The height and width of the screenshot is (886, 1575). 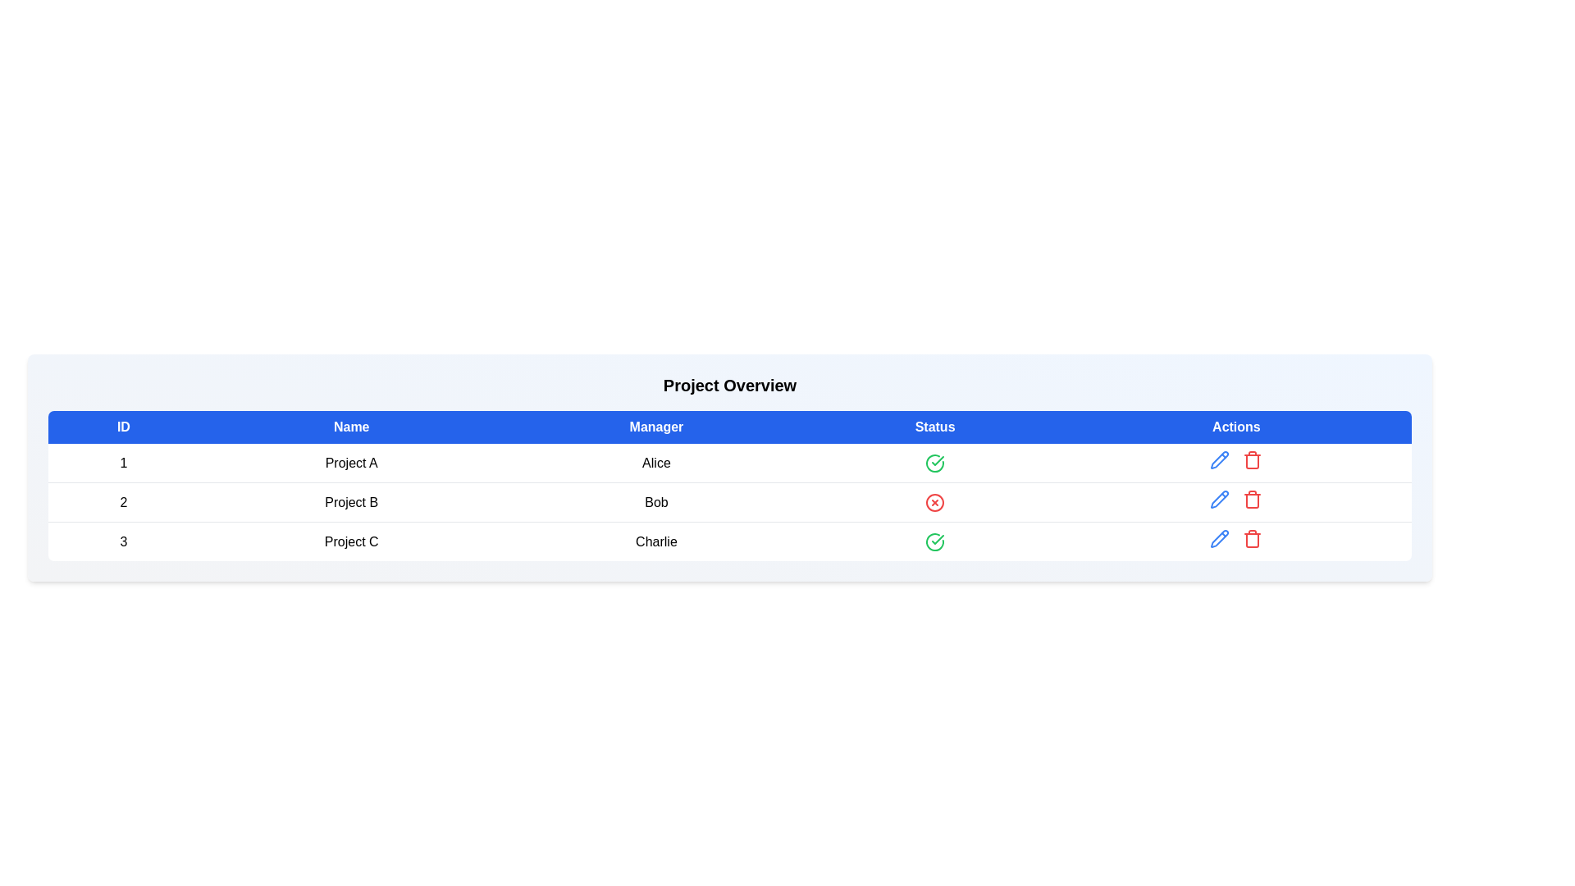 I want to click on the green check-circle icon in the 'Status' column of the first row, which indicates the validated status for manager 'Alice' and project 'Project A', so click(x=935, y=463).